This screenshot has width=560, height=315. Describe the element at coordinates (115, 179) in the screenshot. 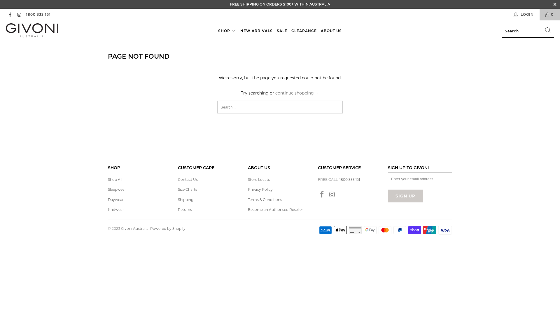

I see `'Shop All'` at that location.